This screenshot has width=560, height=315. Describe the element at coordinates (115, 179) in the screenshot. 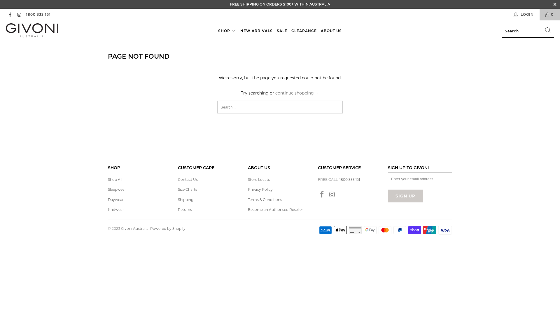

I see `'Shop All'` at that location.